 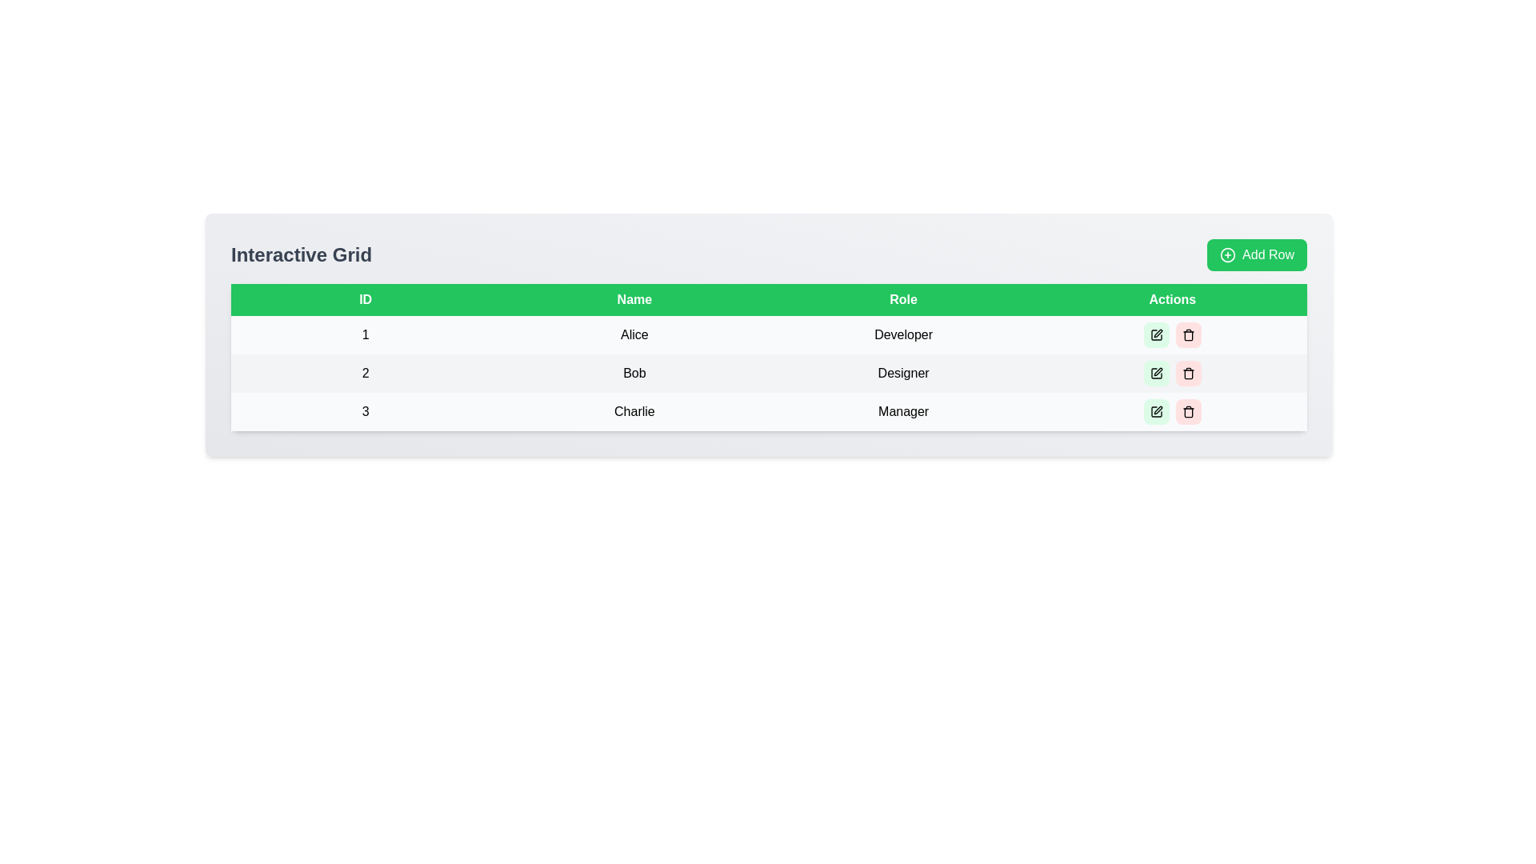 What do you see at coordinates (1172, 299) in the screenshot?
I see `the 'Actions' column header text label, which is the fourth item in the header row of the grid layout` at bounding box center [1172, 299].